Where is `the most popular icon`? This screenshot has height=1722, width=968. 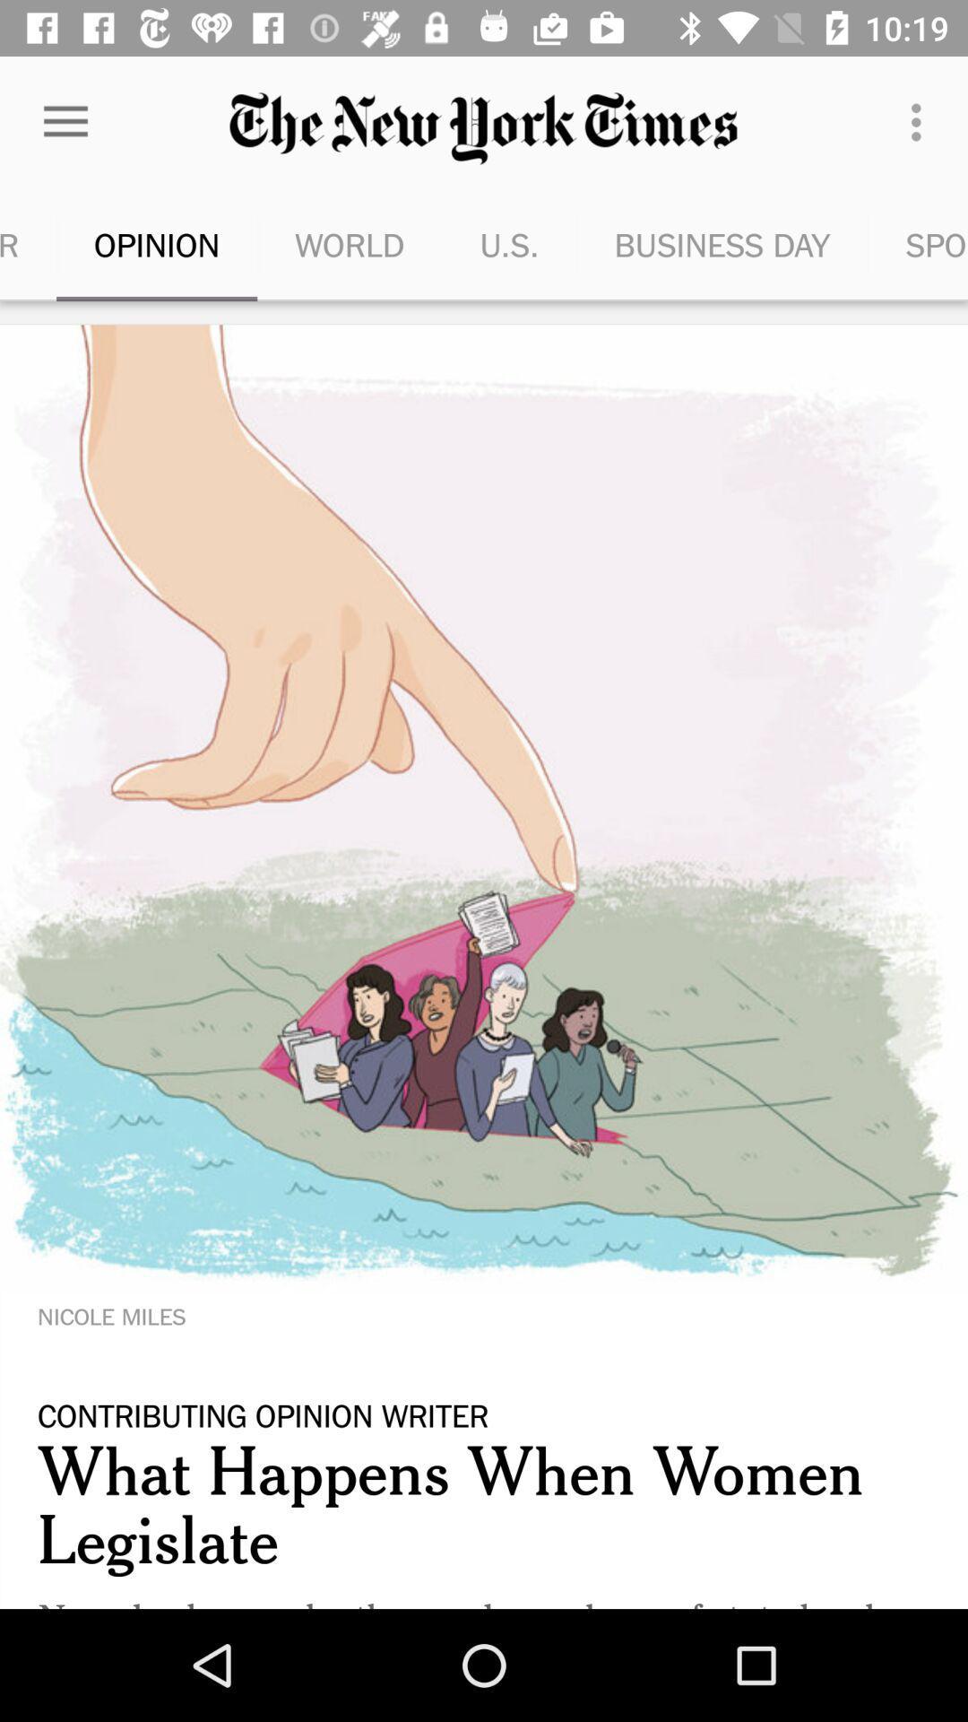 the most popular icon is located at coordinates (28, 244).